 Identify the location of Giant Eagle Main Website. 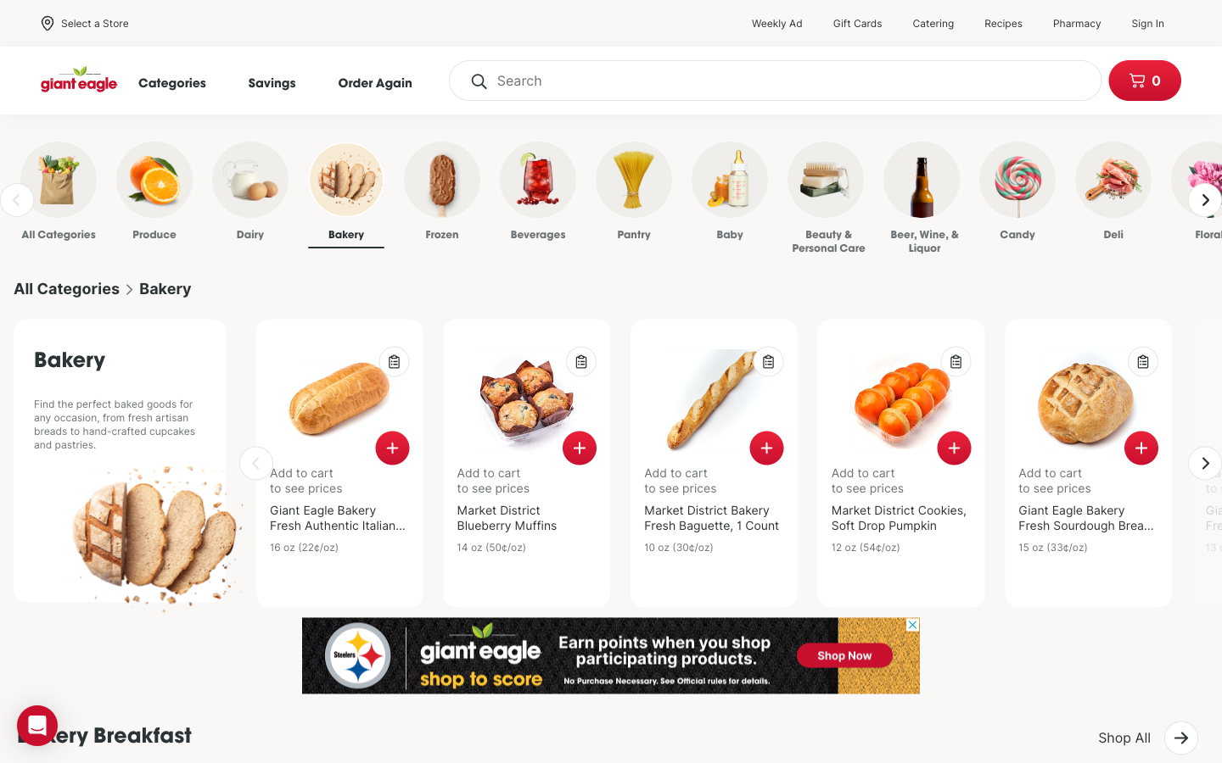
(80, 80).